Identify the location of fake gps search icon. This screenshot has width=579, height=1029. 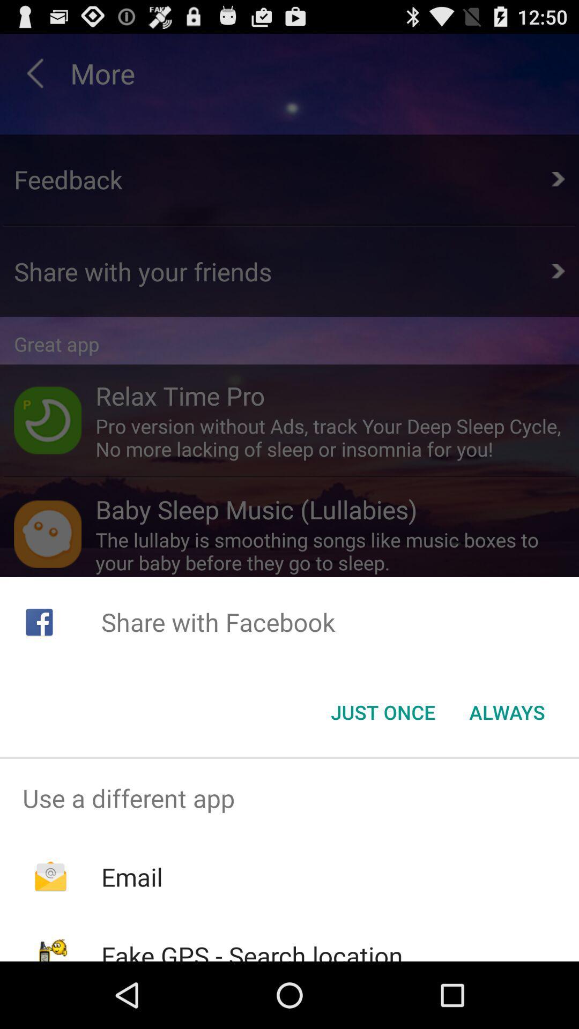
(252, 950).